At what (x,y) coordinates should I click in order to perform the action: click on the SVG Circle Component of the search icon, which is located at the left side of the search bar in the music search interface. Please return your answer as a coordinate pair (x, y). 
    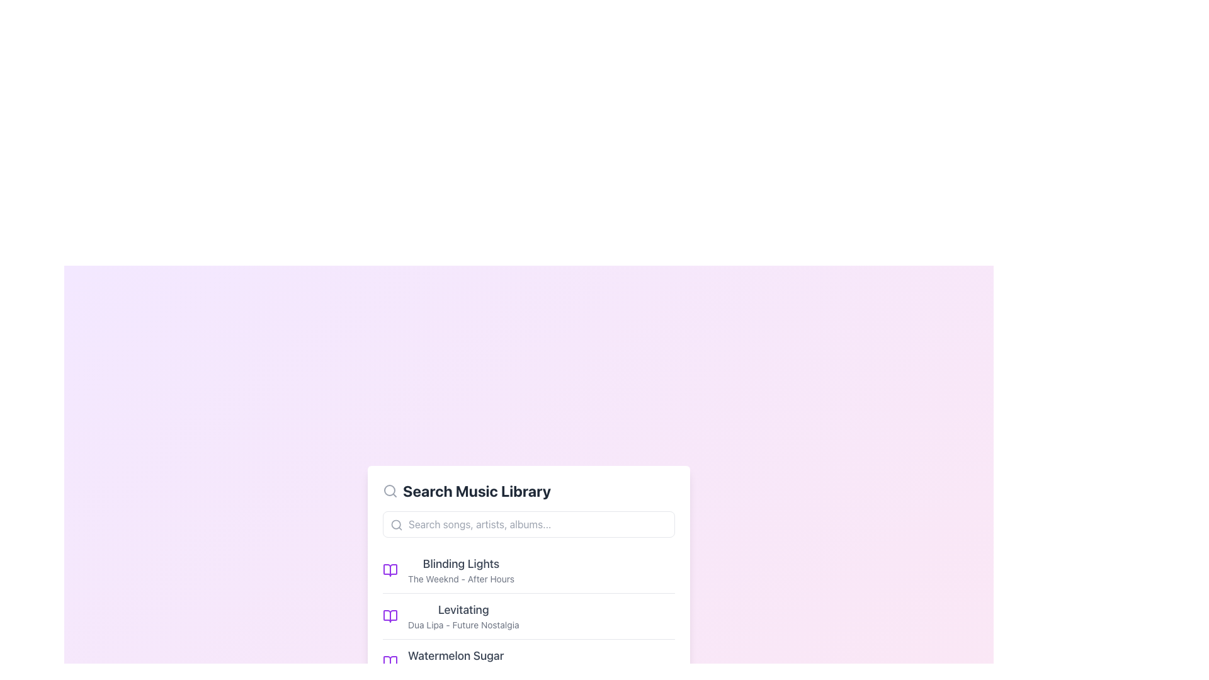
    Looking at the image, I should click on (395, 524).